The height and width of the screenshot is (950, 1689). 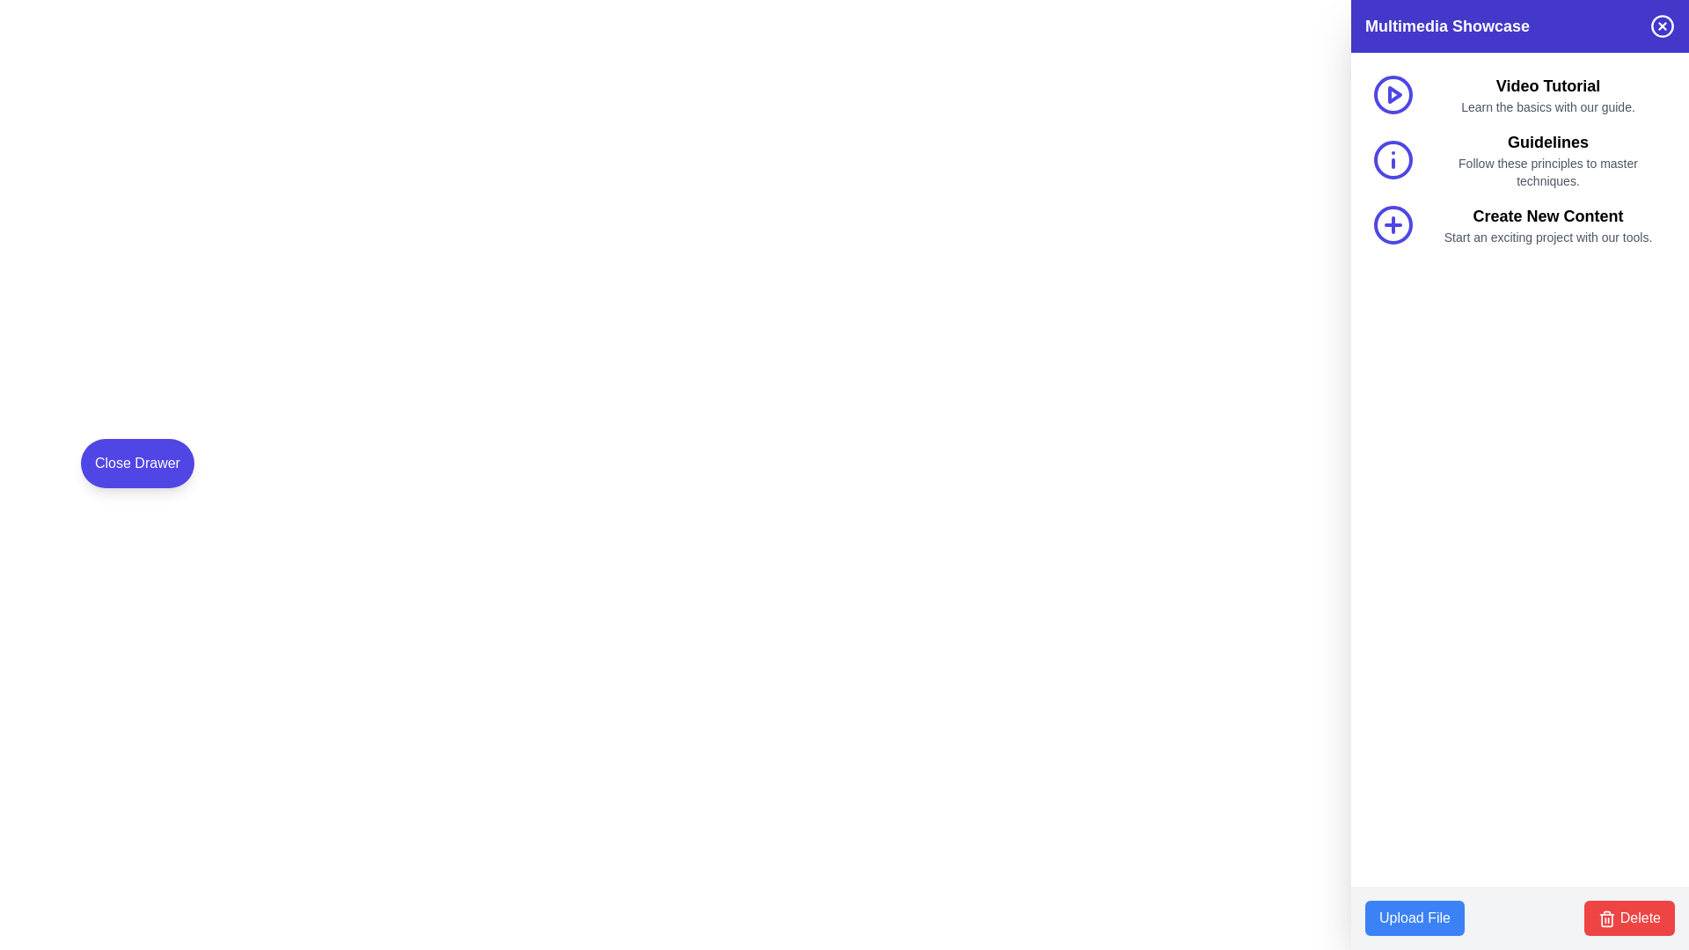 What do you see at coordinates (1519, 159) in the screenshot?
I see `the Informational Section element, which is the second option in a vertical list within the sidebar interface` at bounding box center [1519, 159].